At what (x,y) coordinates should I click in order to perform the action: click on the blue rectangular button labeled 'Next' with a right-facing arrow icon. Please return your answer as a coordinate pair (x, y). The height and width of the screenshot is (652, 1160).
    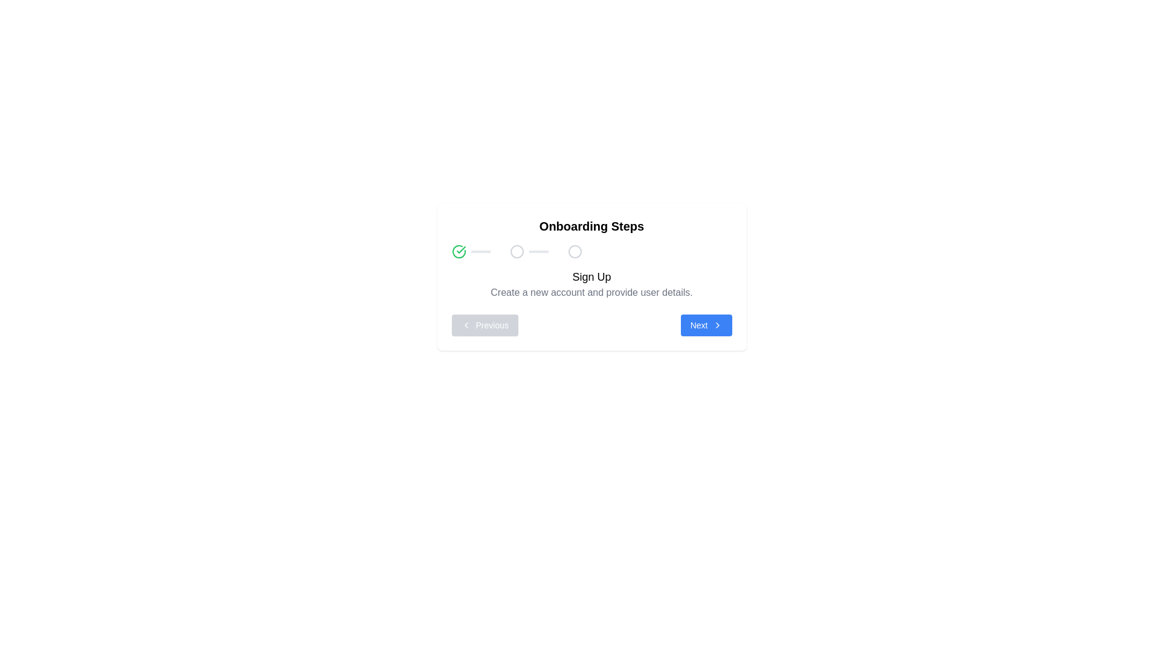
    Looking at the image, I should click on (706, 325).